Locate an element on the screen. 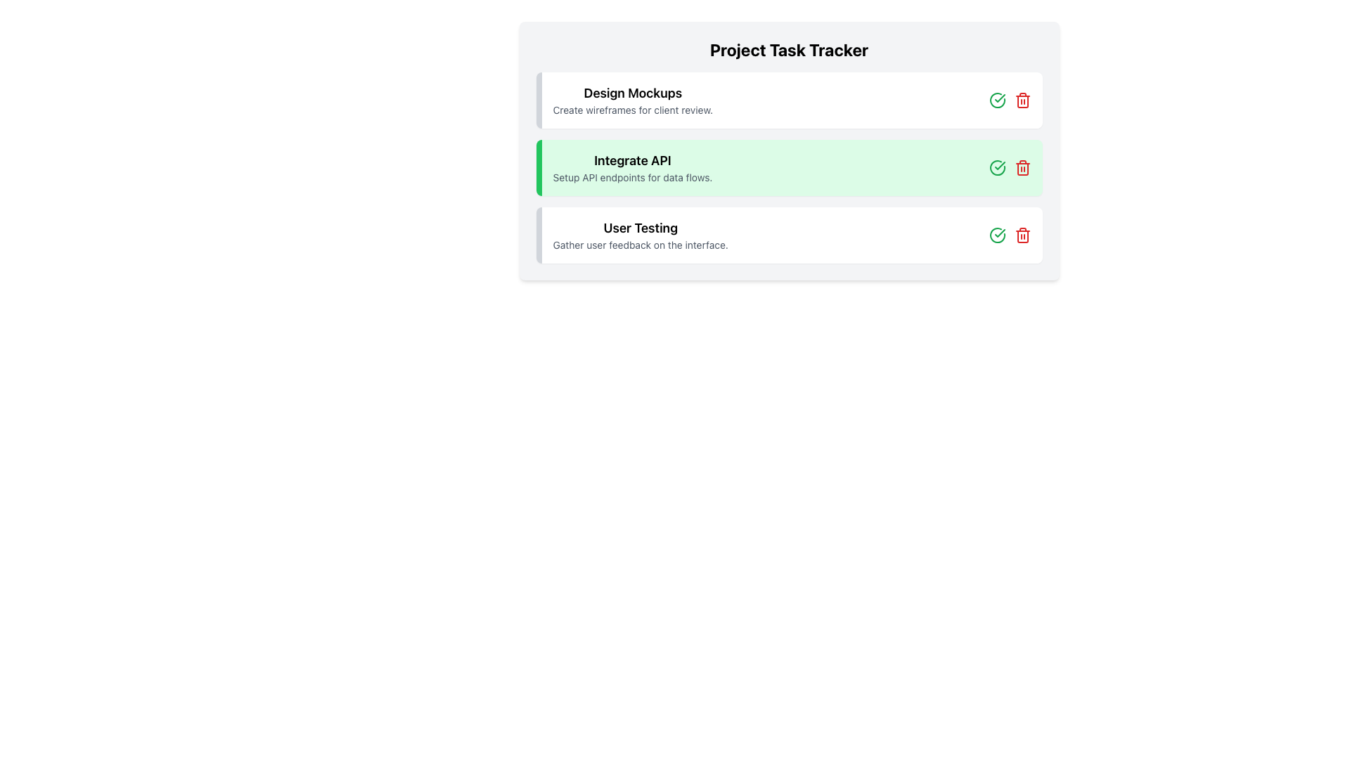 The width and height of the screenshot is (1350, 759). the Text Heading with Description titled 'Design Mockups' which includes the subtitle 'Create wireframes for client review.' located in the top card of the 'Project Task Tracker' is located at coordinates (632, 99).